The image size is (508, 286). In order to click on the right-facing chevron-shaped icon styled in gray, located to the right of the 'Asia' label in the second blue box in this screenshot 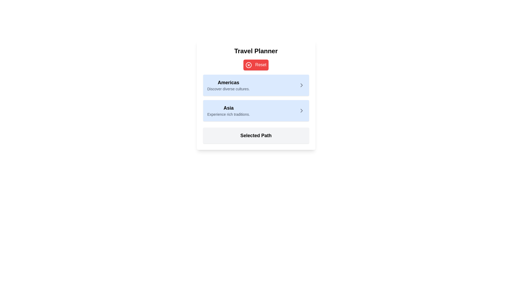, I will do `click(301, 110)`.